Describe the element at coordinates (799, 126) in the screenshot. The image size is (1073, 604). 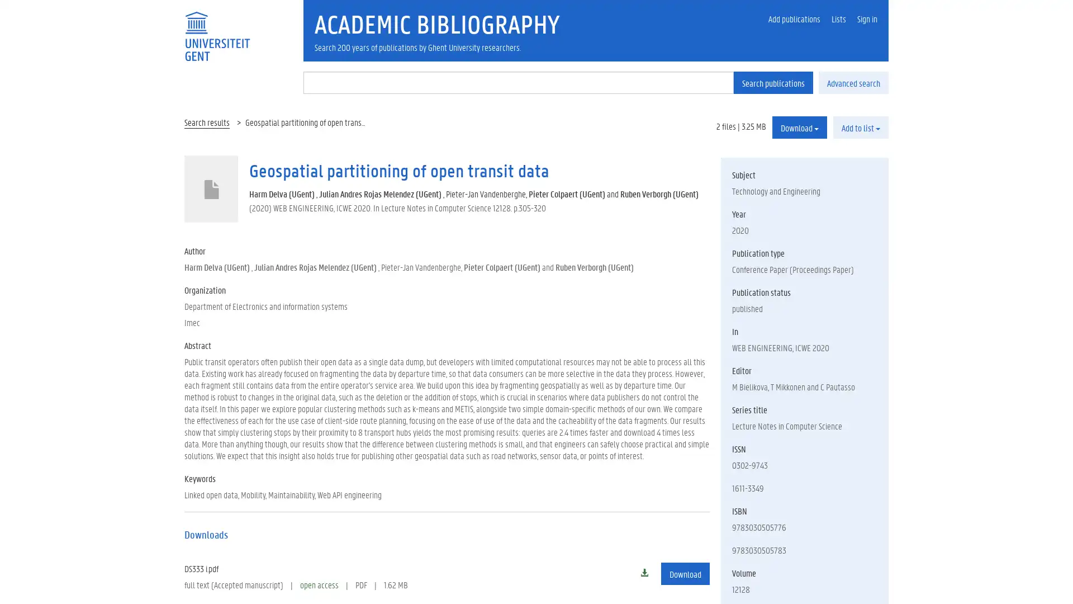
I see `Download` at that location.